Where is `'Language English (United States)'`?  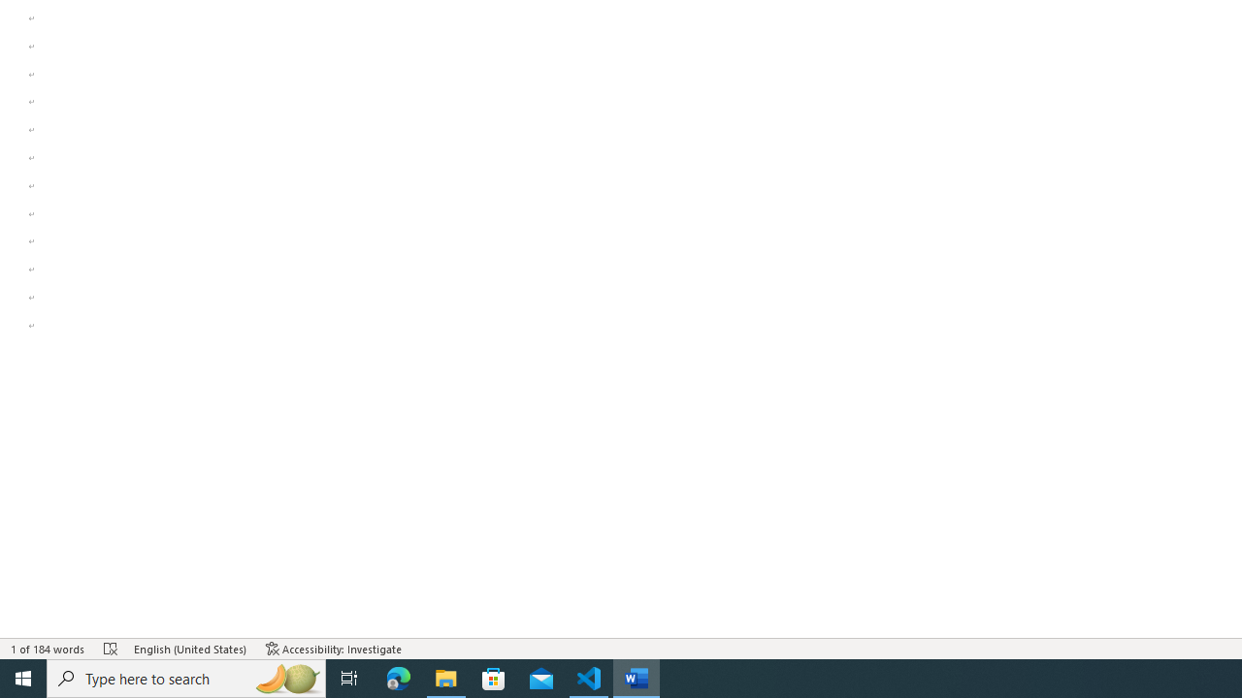 'Language English (United States)' is located at coordinates (190, 649).